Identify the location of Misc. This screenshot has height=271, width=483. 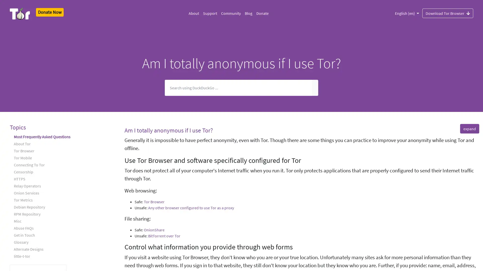
(62, 220).